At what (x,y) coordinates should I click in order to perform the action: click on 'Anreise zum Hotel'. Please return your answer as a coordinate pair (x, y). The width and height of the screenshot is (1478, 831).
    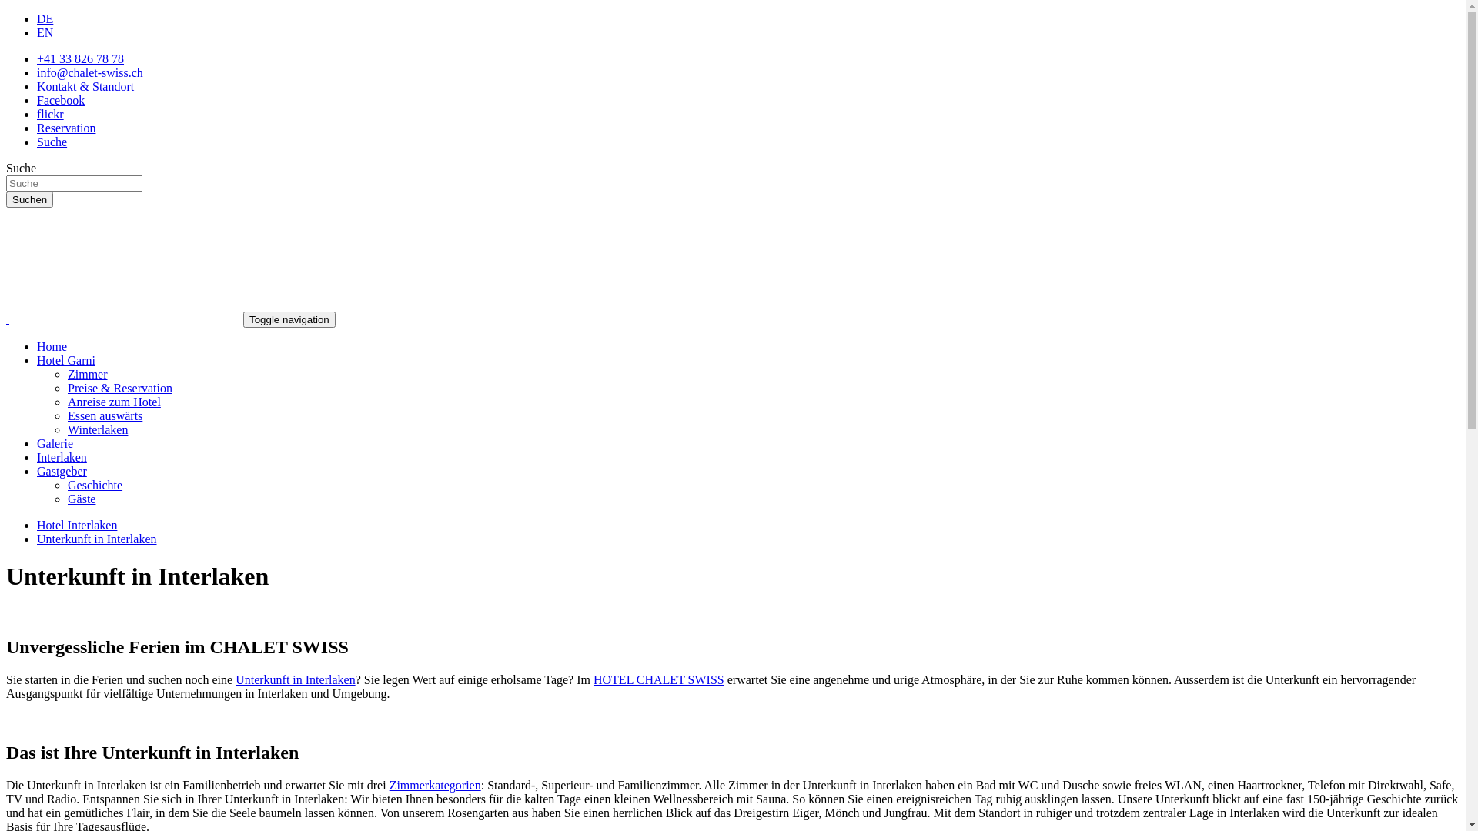
    Looking at the image, I should click on (113, 401).